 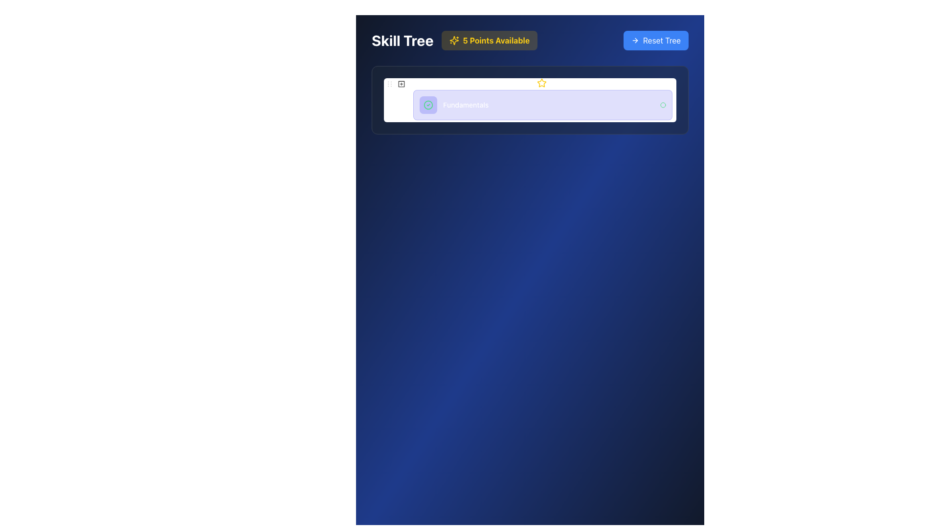 I want to click on the label 'Skill Tree' located at the top of the interface, so click(x=530, y=40).